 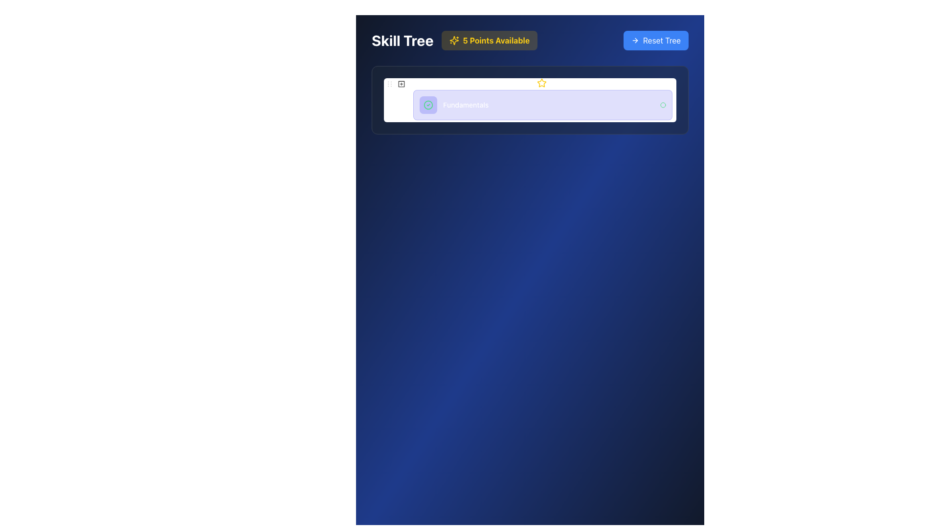 I want to click on the label 'Skill Tree' located at the top of the interface, so click(x=530, y=40).